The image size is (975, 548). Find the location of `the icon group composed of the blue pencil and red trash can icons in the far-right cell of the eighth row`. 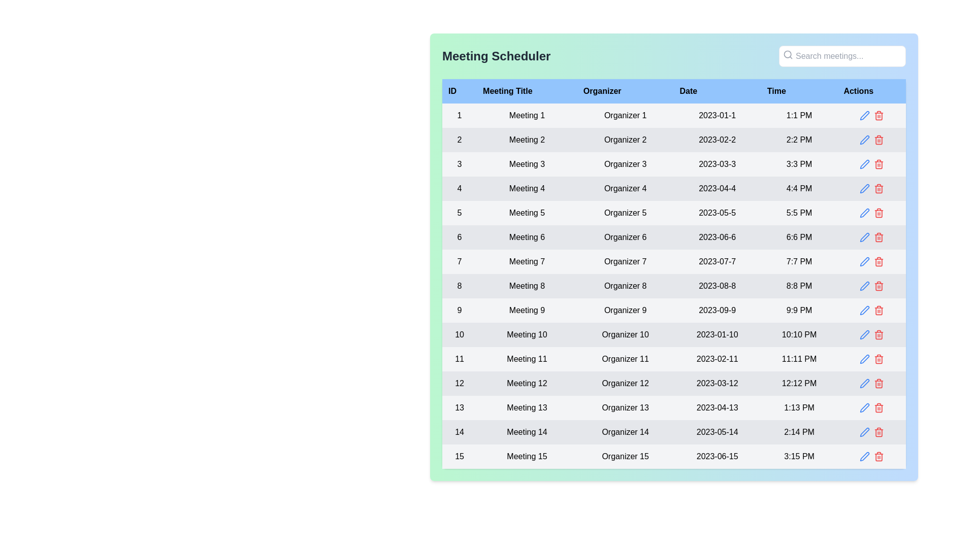

the icon group composed of the blue pencil and red trash can icons in the far-right cell of the eighth row is located at coordinates (871, 286).